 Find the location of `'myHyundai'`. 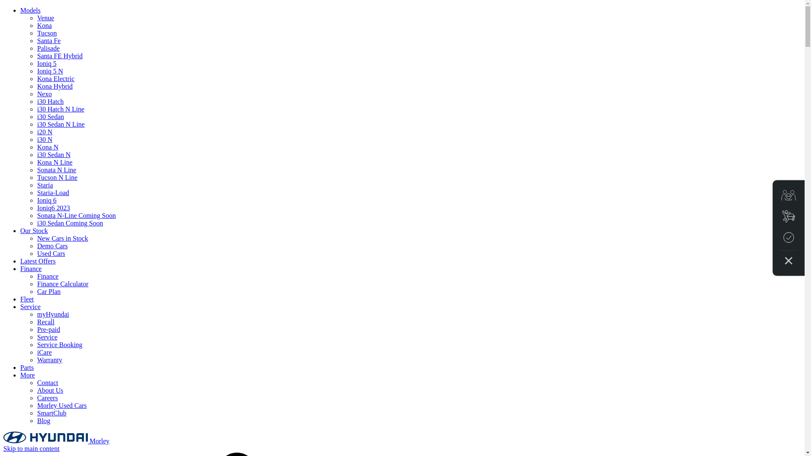

'myHyundai' is located at coordinates (52, 314).